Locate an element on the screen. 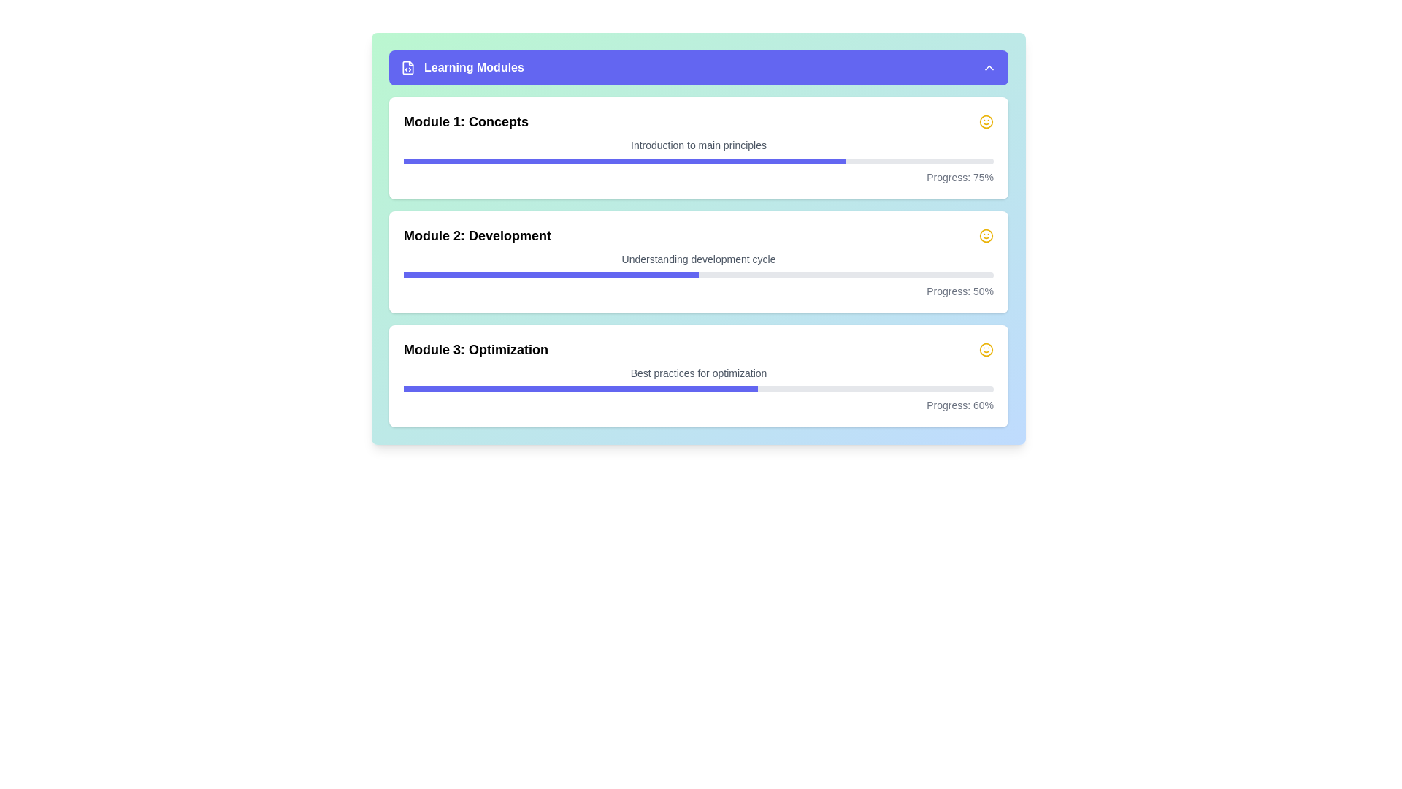  the bold-text heading labeled 'Module 2: Development' for accessibility purposes is located at coordinates (477, 235).